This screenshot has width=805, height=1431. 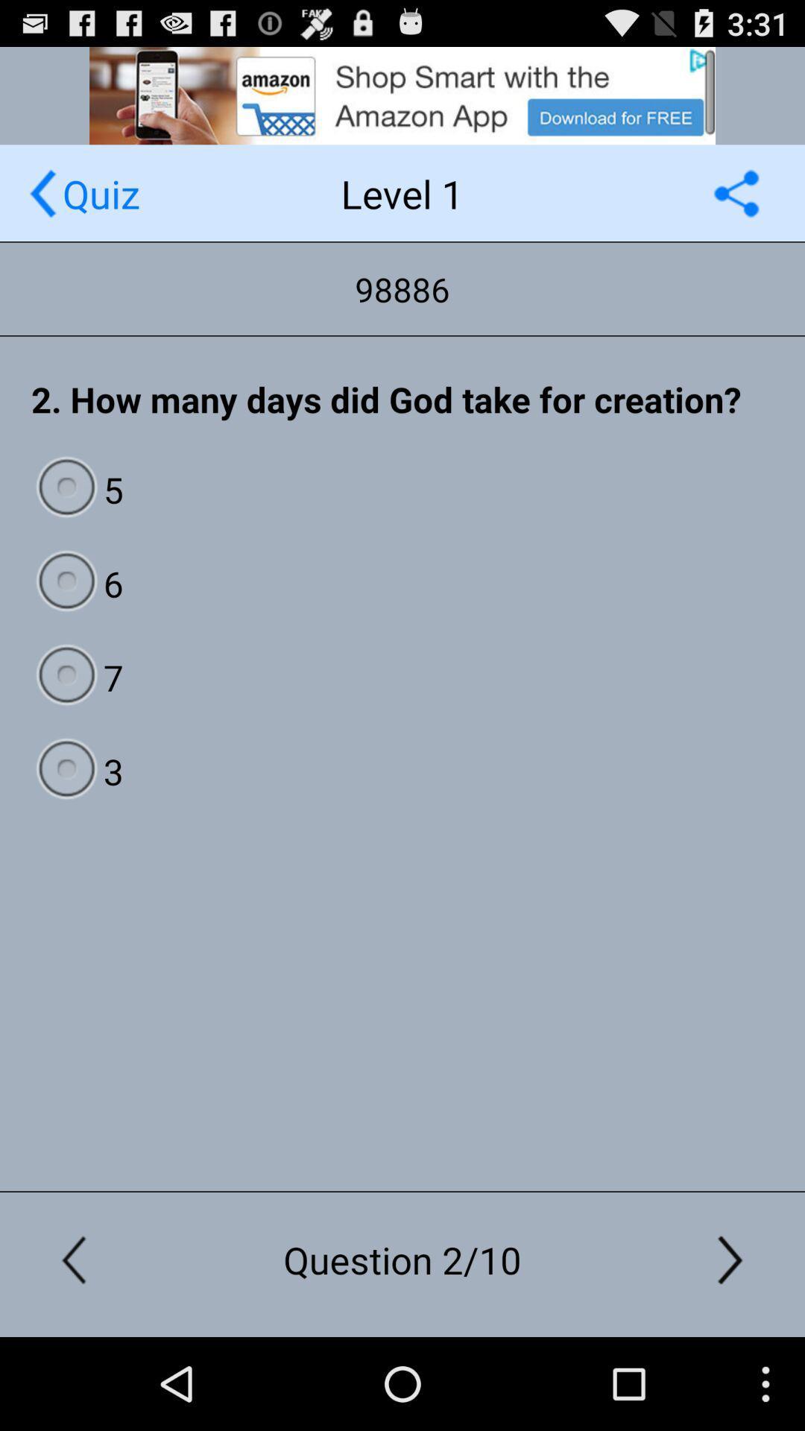 What do you see at coordinates (402, 95) in the screenshot?
I see `website advertisement` at bounding box center [402, 95].